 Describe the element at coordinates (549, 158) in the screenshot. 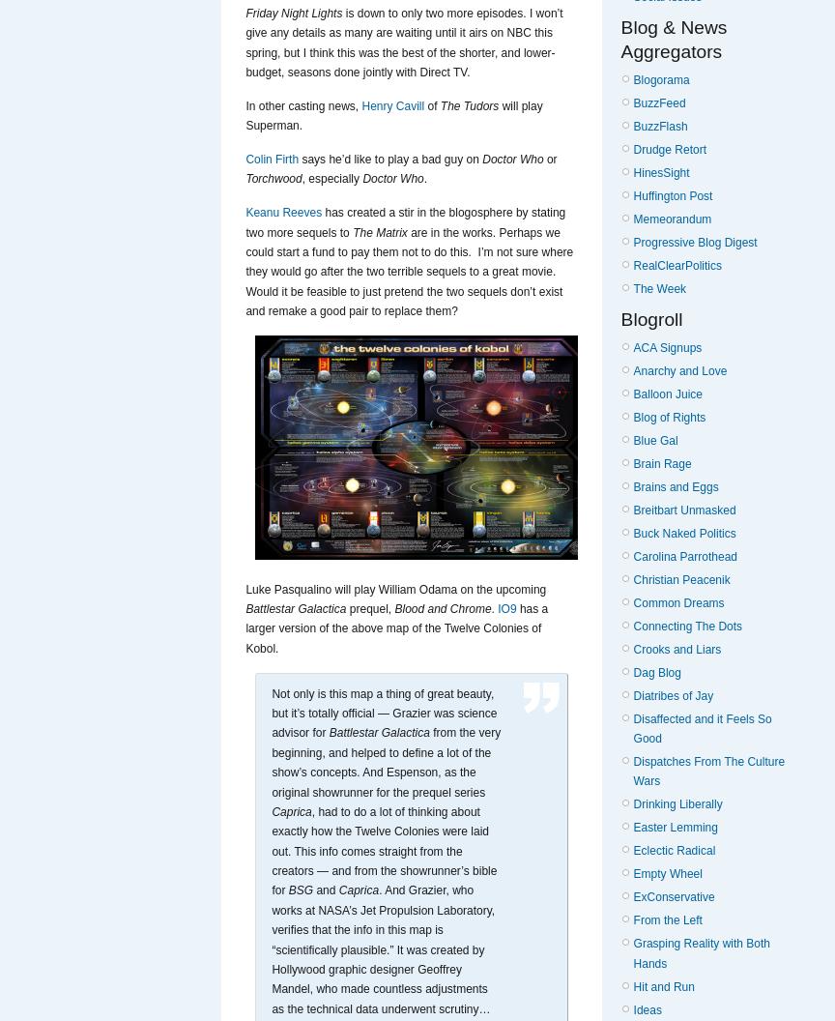

I see `'or'` at that location.